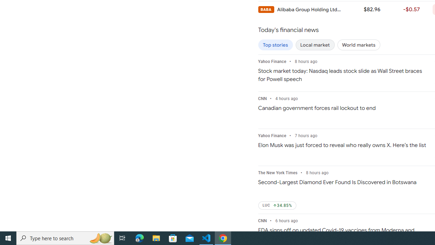  I want to click on 'Top stories', so click(275, 45).